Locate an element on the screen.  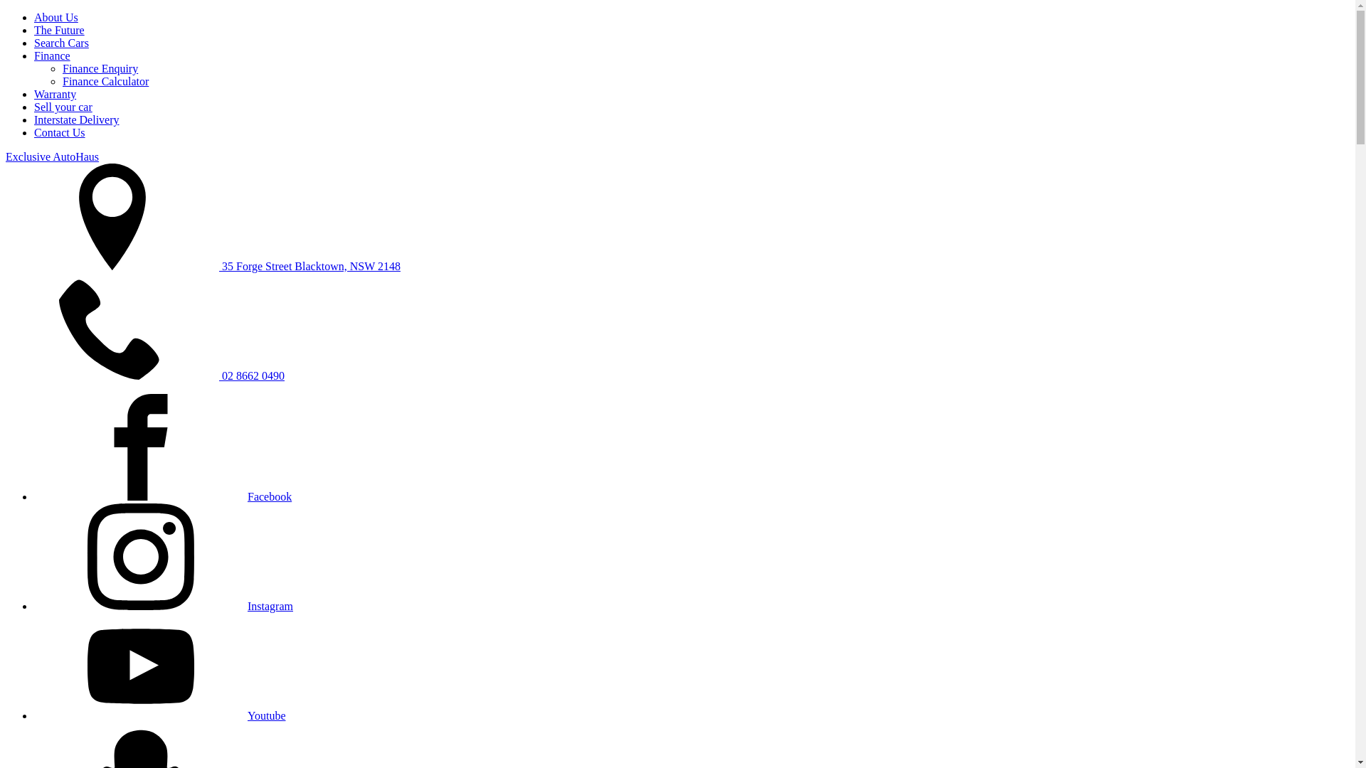
'Sell your car' is located at coordinates (34, 106).